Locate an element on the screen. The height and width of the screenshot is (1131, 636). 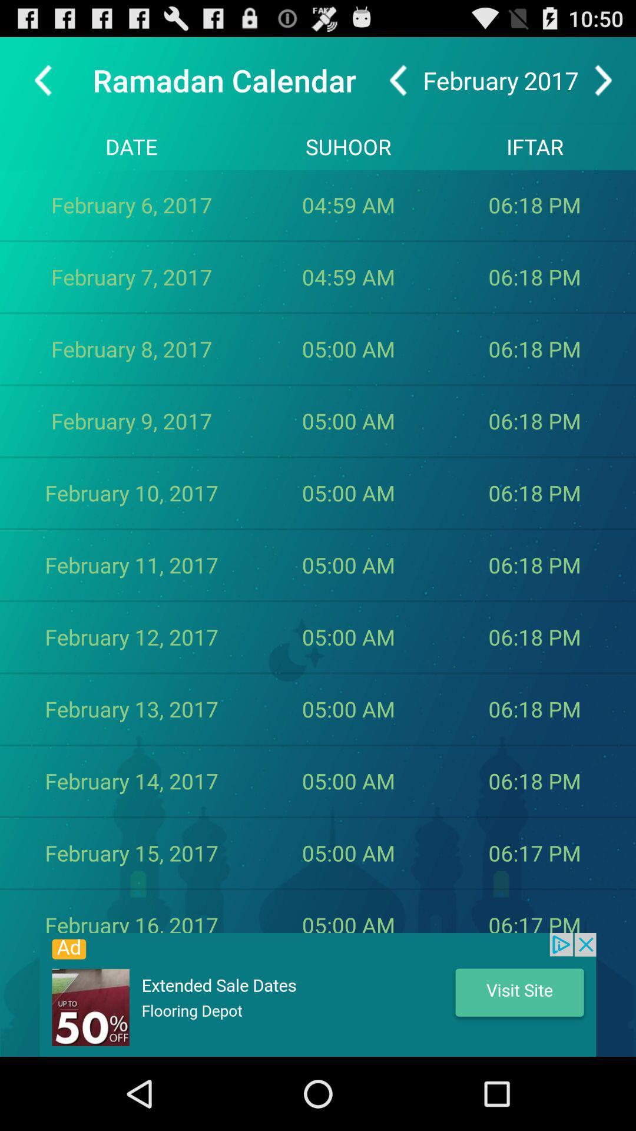
back is located at coordinates (397, 80).